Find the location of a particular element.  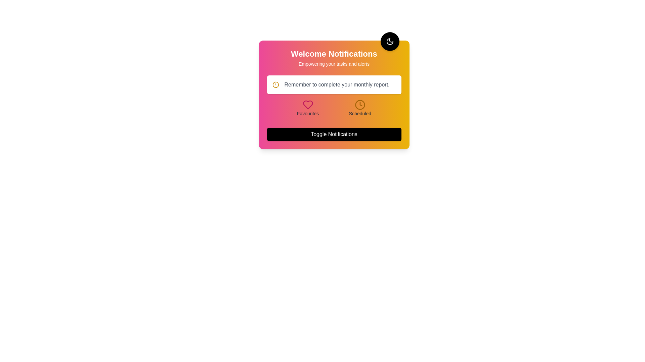

the circular dark mode toggle button with a black background and white crescent moon shape located in the top-right corner, above the 'Welcome Notifications' text to change the mode or theme is located at coordinates (390, 41).